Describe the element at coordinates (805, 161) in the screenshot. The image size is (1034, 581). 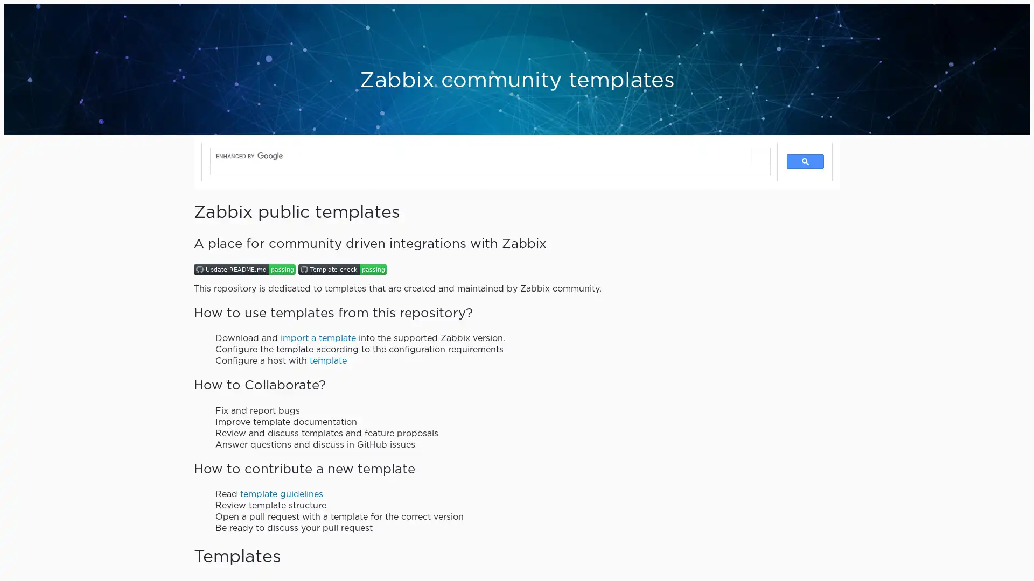
I see `search` at that location.